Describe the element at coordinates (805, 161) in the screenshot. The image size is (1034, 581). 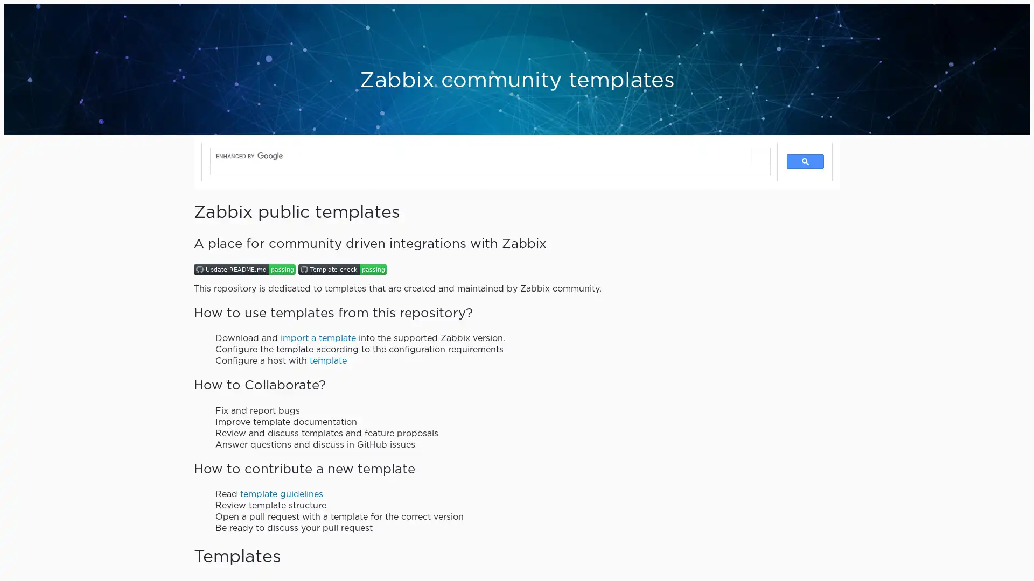
I see `search` at that location.